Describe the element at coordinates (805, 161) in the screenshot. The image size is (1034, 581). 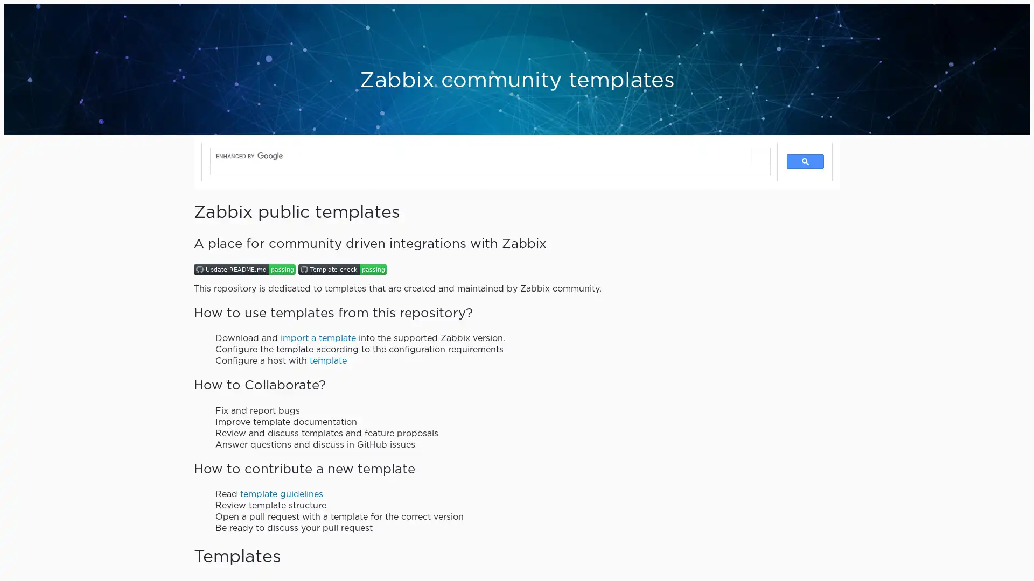
I see `search` at that location.